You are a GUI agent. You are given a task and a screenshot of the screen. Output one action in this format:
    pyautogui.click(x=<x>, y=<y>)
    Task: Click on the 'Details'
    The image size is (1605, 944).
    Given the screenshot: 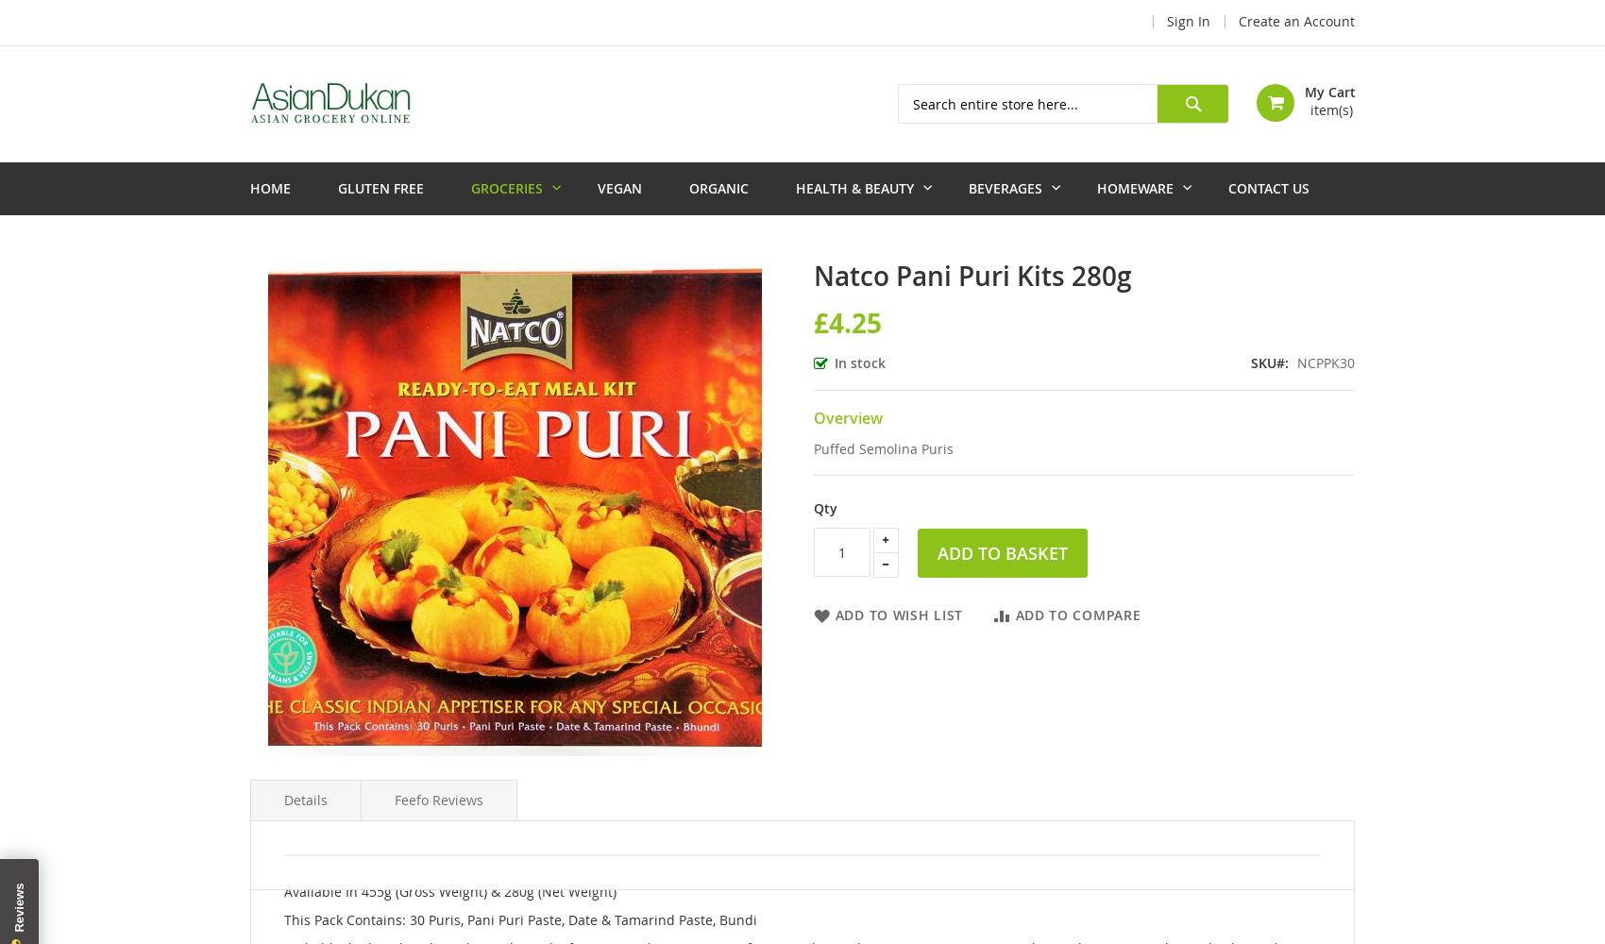 What is the action you would take?
    pyautogui.click(x=305, y=799)
    